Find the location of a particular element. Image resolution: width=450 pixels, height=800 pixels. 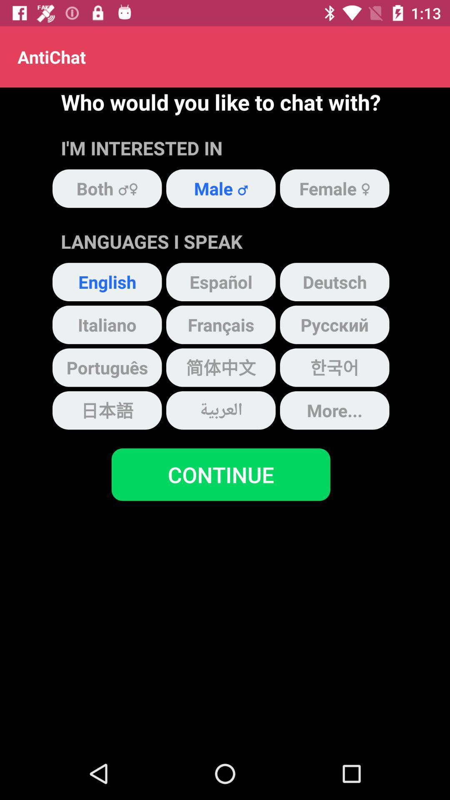

the icon next to the english item is located at coordinates (220, 282).